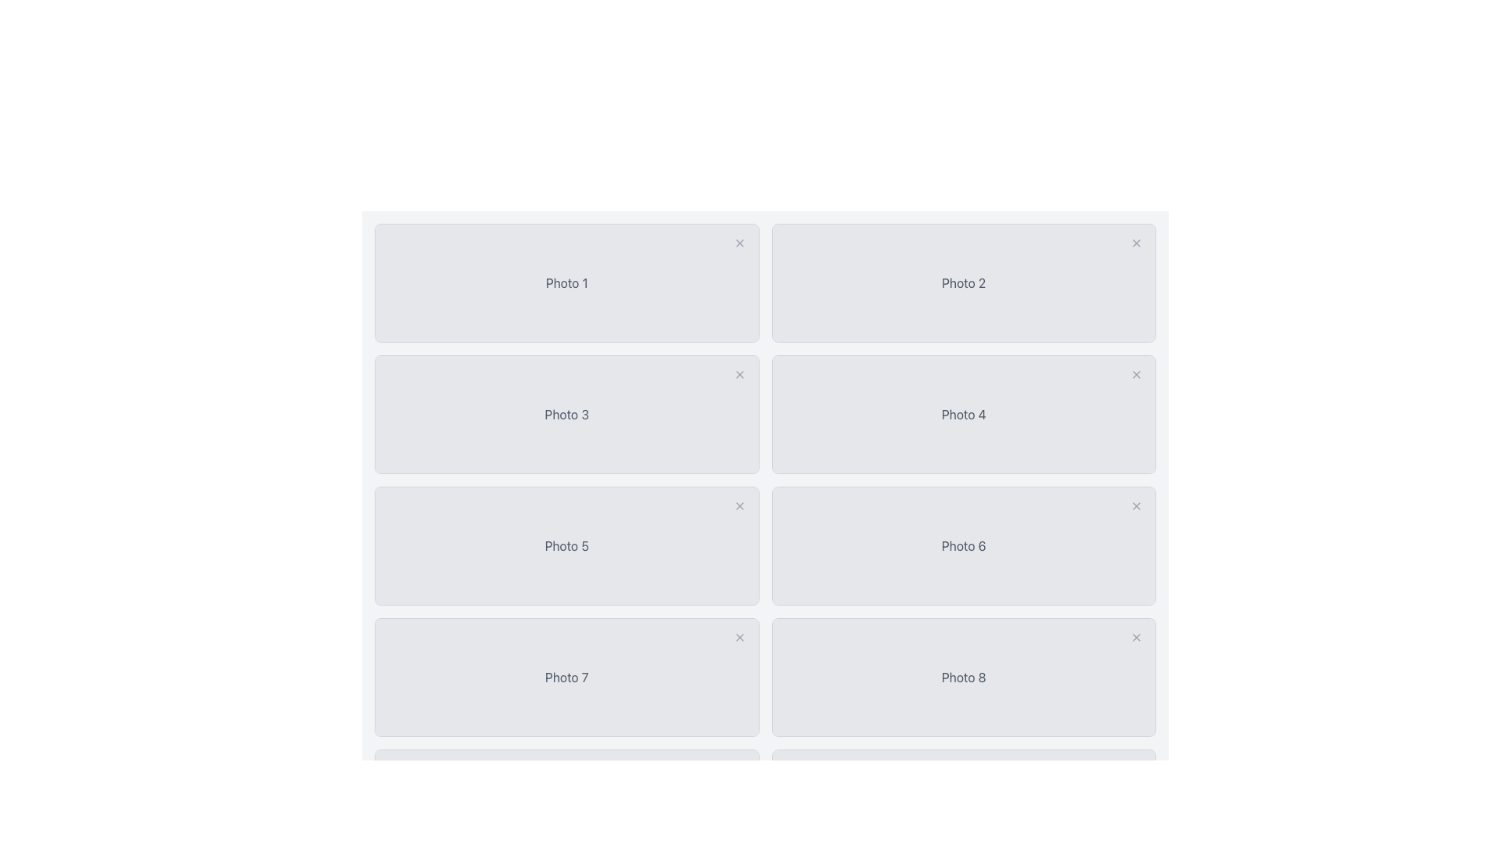  Describe the element at coordinates (738, 374) in the screenshot. I see `the close button in the top right corner of the 'Photo 3' card` at that location.